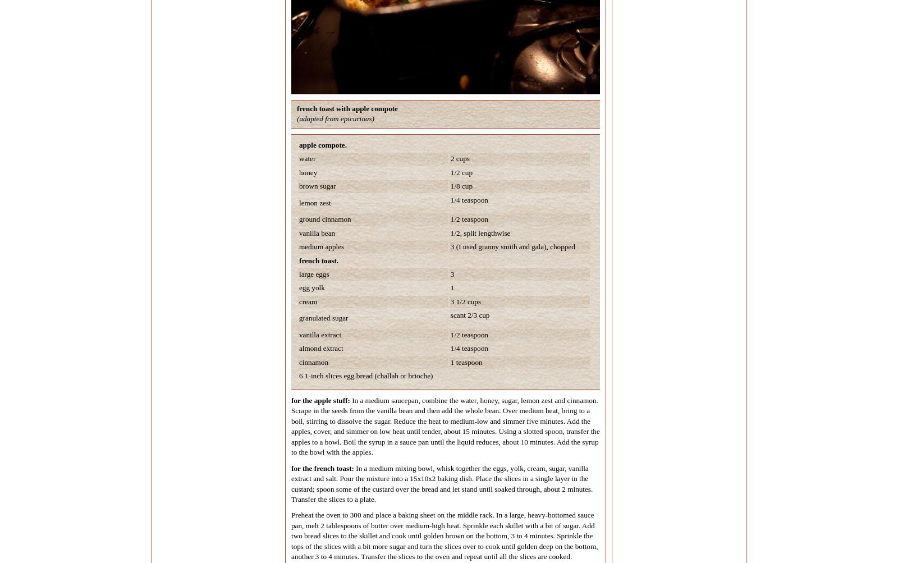  Describe the element at coordinates (445, 425) in the screenshot. I see `'In a medium saucepan, combine the water, honey, sugar, lemon zest and cinnamon.  Scrape in the seeds from the vanilla bean and then add the whole bean.  Over medium heat, bring to a boil, stirring to dissolve the sugar.  Reduce the heat to medium-low and simmer five minutes.  Add the apples, cover, and simmer on low heat until tender, about 15 minutes.  Using a slotted spoon, transfer the apples to a bowl.  Boil the syrup in a sauce pan until the liquid reduces, about 10 minutes.  Add the syrup to the bowl with the apples.'` at that location.